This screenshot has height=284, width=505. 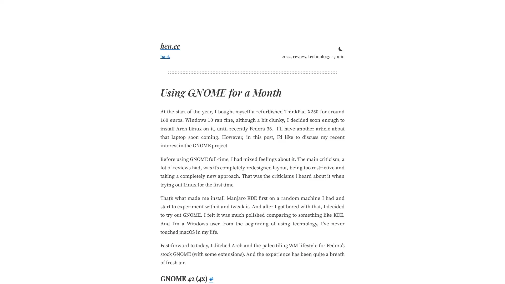 I want to click on toggle theme, so click(x=341, y=49).